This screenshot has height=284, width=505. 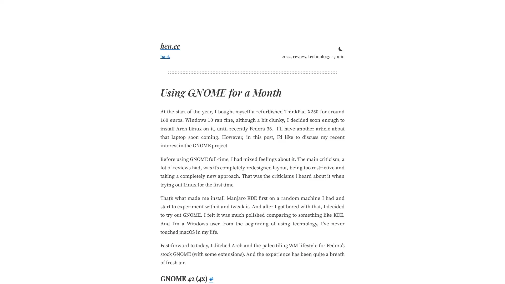 I want to click on toggle theme, so click(x=341, y=49).